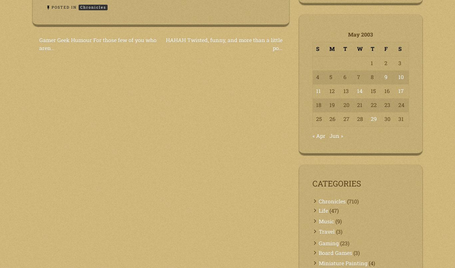 The height and width of the screenshot is (268, 455). Describe the element at coordinates (386, 63) in the screenshot. I see `'2'` at that location.